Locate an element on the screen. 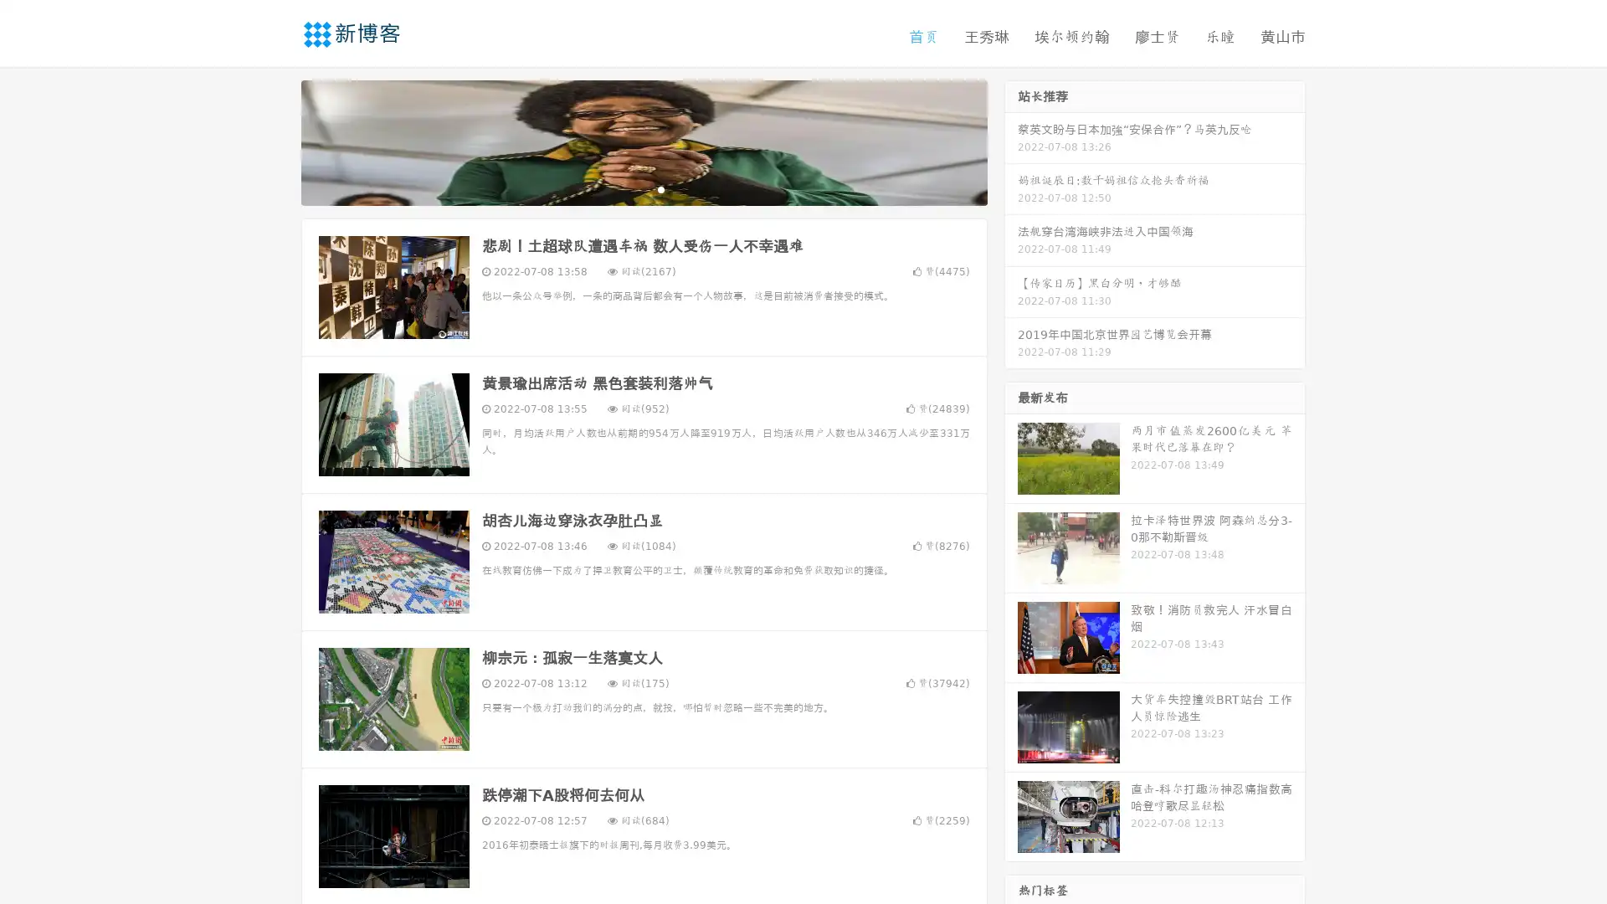 The width and height of the screenshot is (1607, 904). Next slide is located at coordinates (1011, 141).